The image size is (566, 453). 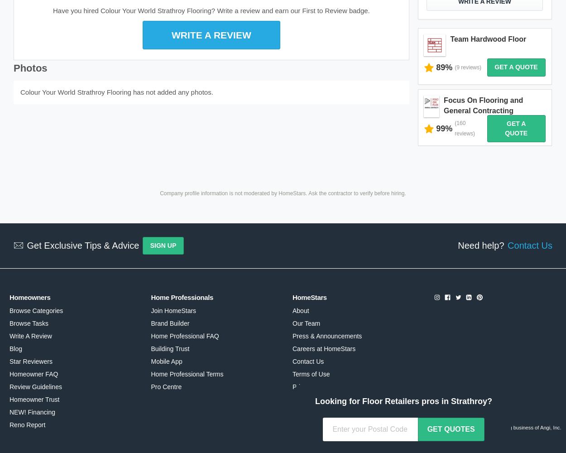 What do you see at coordinates (170, 349) in the screenshot?
I see `'Building Trust'` at bounding box center [170, 349].